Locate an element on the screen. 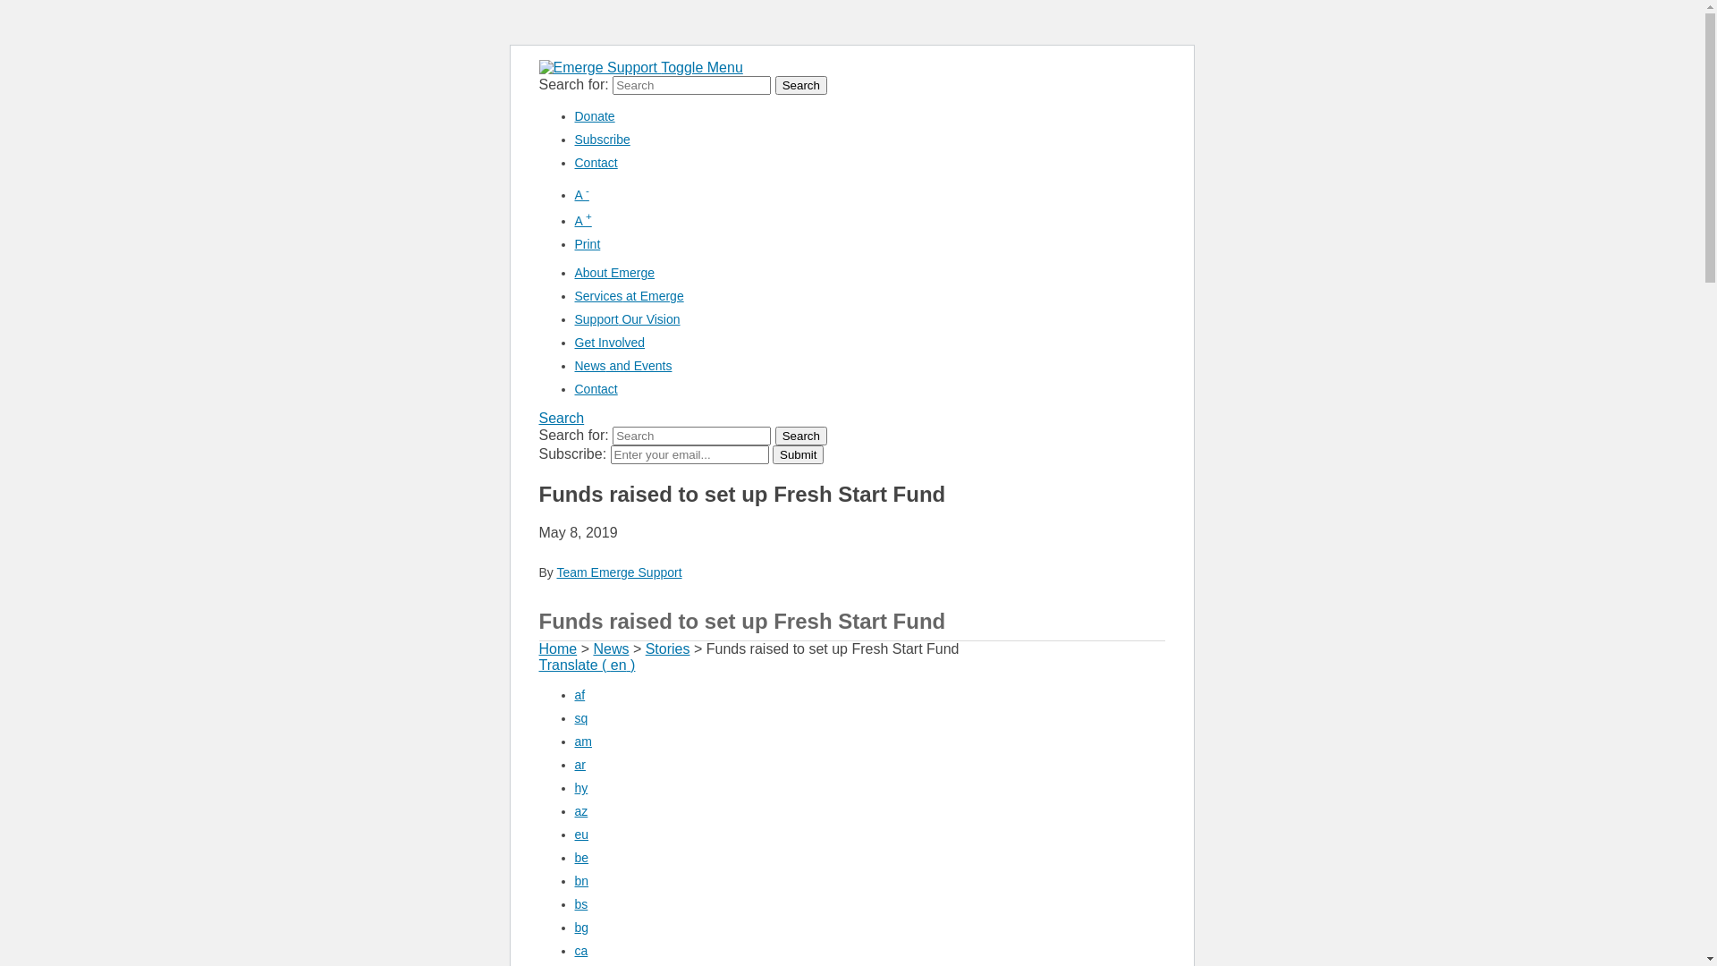 Image resolution: width=1717 pixels, height=966 pixels. 'Submit' is located at coordinates (773, 453).